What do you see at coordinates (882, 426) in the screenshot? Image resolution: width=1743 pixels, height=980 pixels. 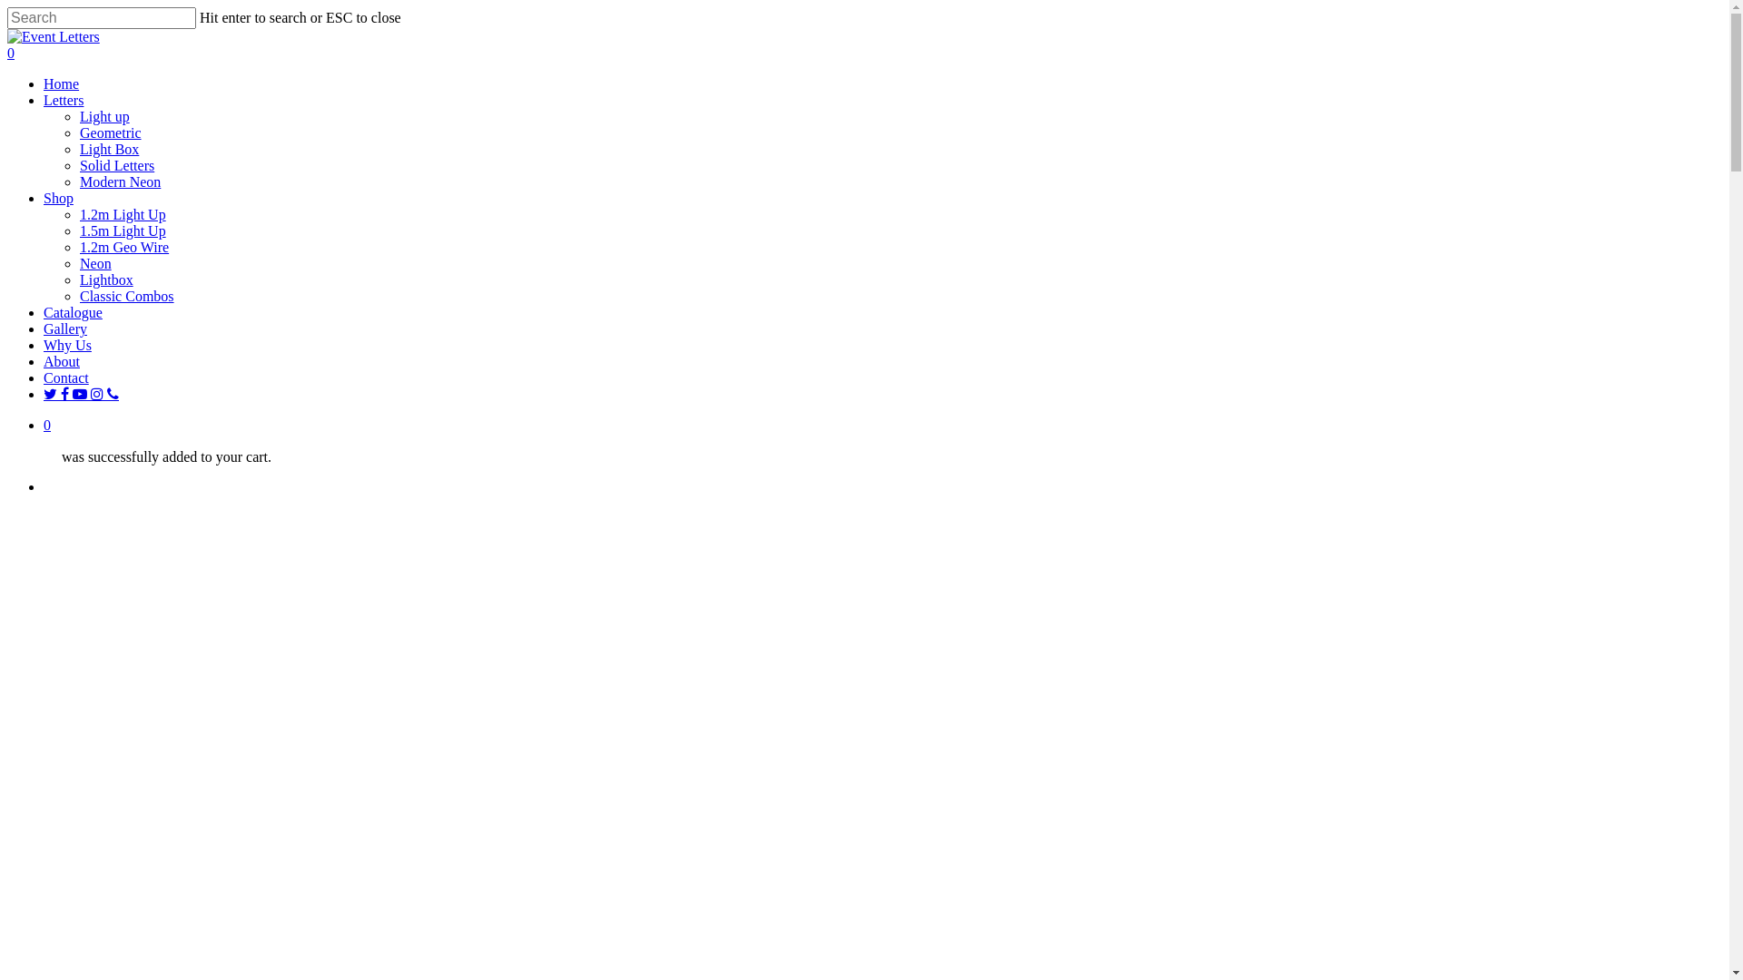 I see `'0'` at bounding box center [882, 426].